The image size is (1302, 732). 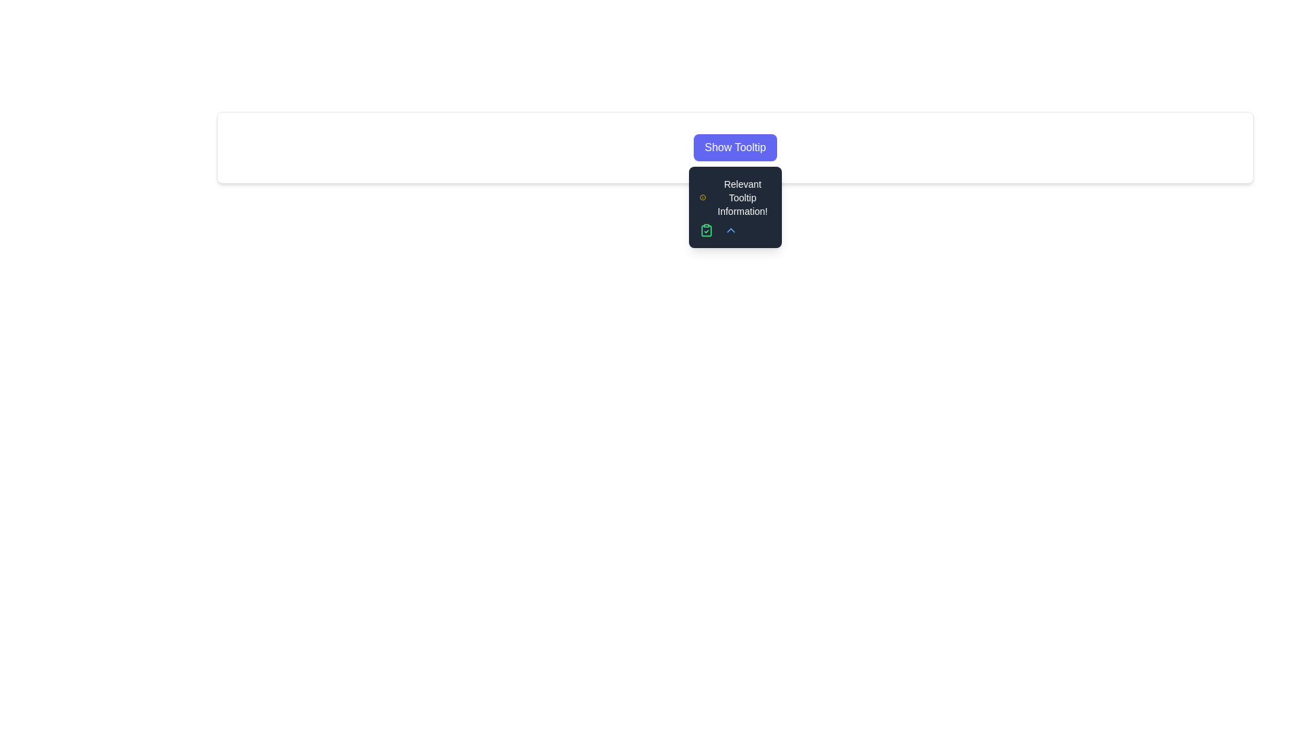 I want to click on the tooltip that appears underneath the 'Show Tooltip' button, so click(x=734, y=207).